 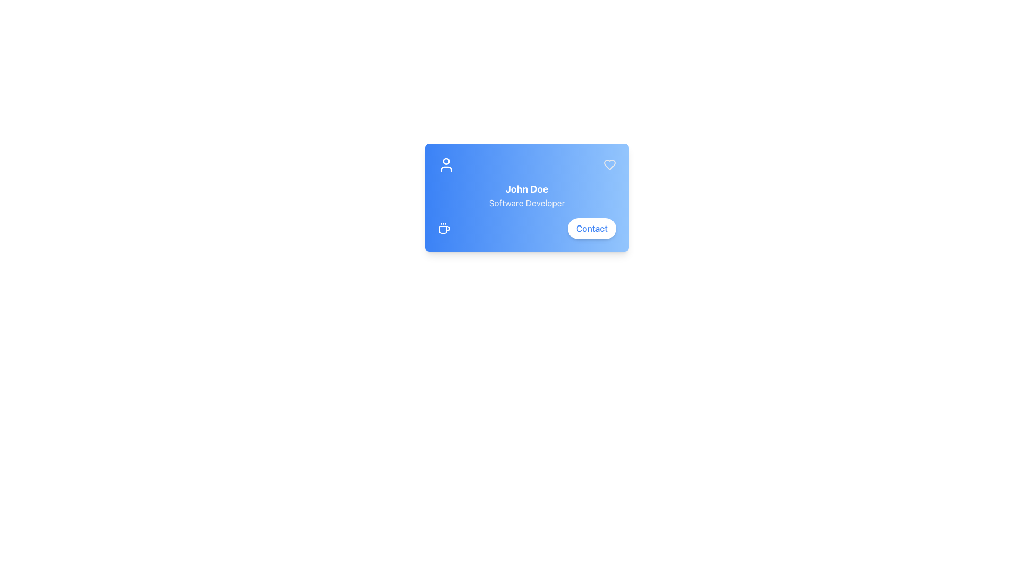 What do you see at coordinates (609, 165) in the screenshot?
I see `the heart-shaped like button outlined in white located in the top-right corner of the card to like the profile` at bounding box center [609, 165].